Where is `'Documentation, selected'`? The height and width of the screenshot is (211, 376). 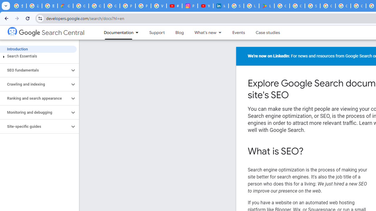 'Documentation, selected' is located at coordinates (116, 33).